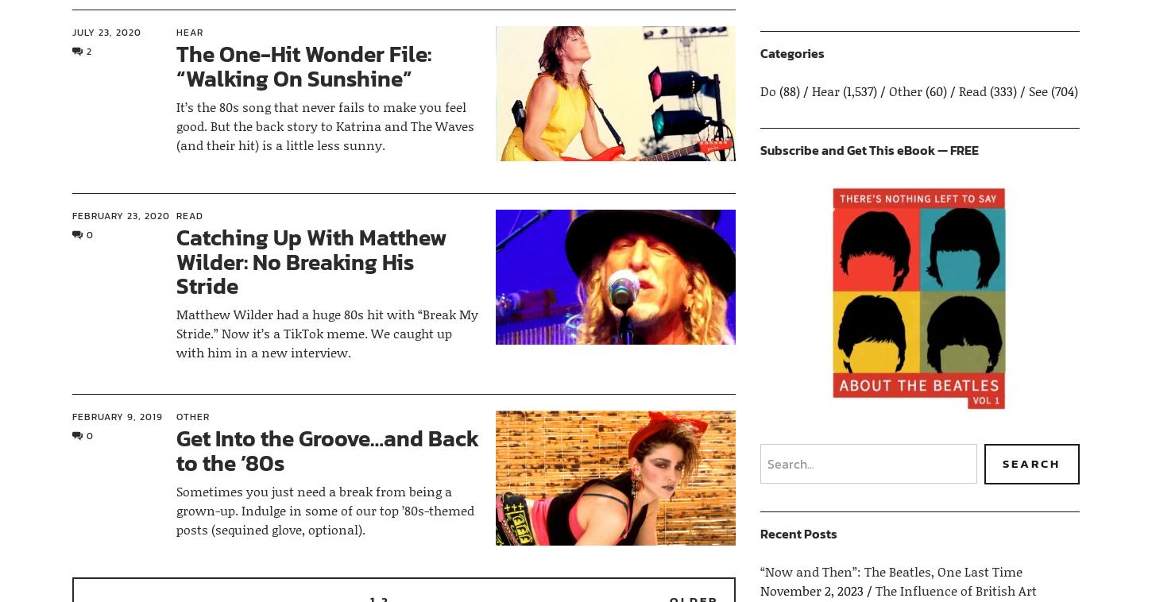  I want to click on 'Sometimes you just need a break from being a grown-up.  Indulge in some of our top ’80s-themed posts (sequined glove, optional).', so click(323, 510).